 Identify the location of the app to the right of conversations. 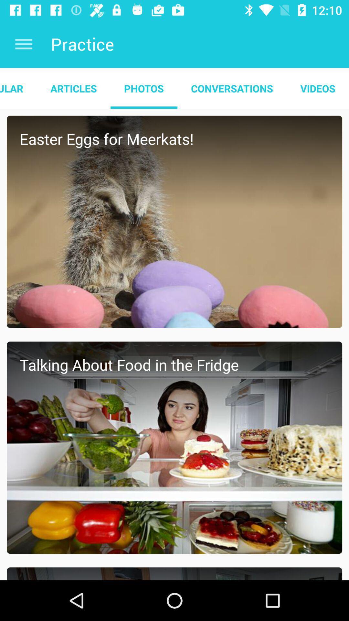
(317, 88).